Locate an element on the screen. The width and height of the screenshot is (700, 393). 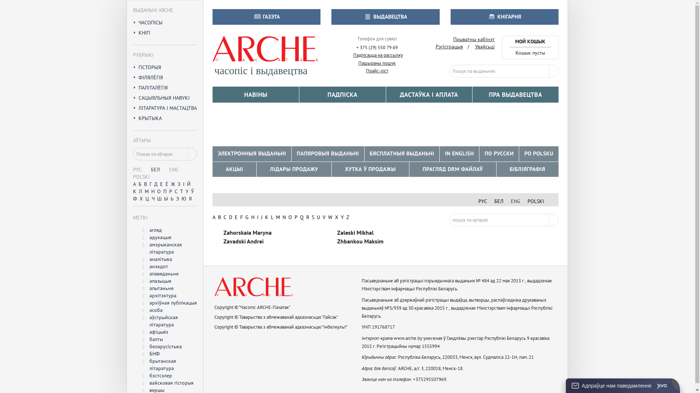
'X' is located at coordinates (336, 217).